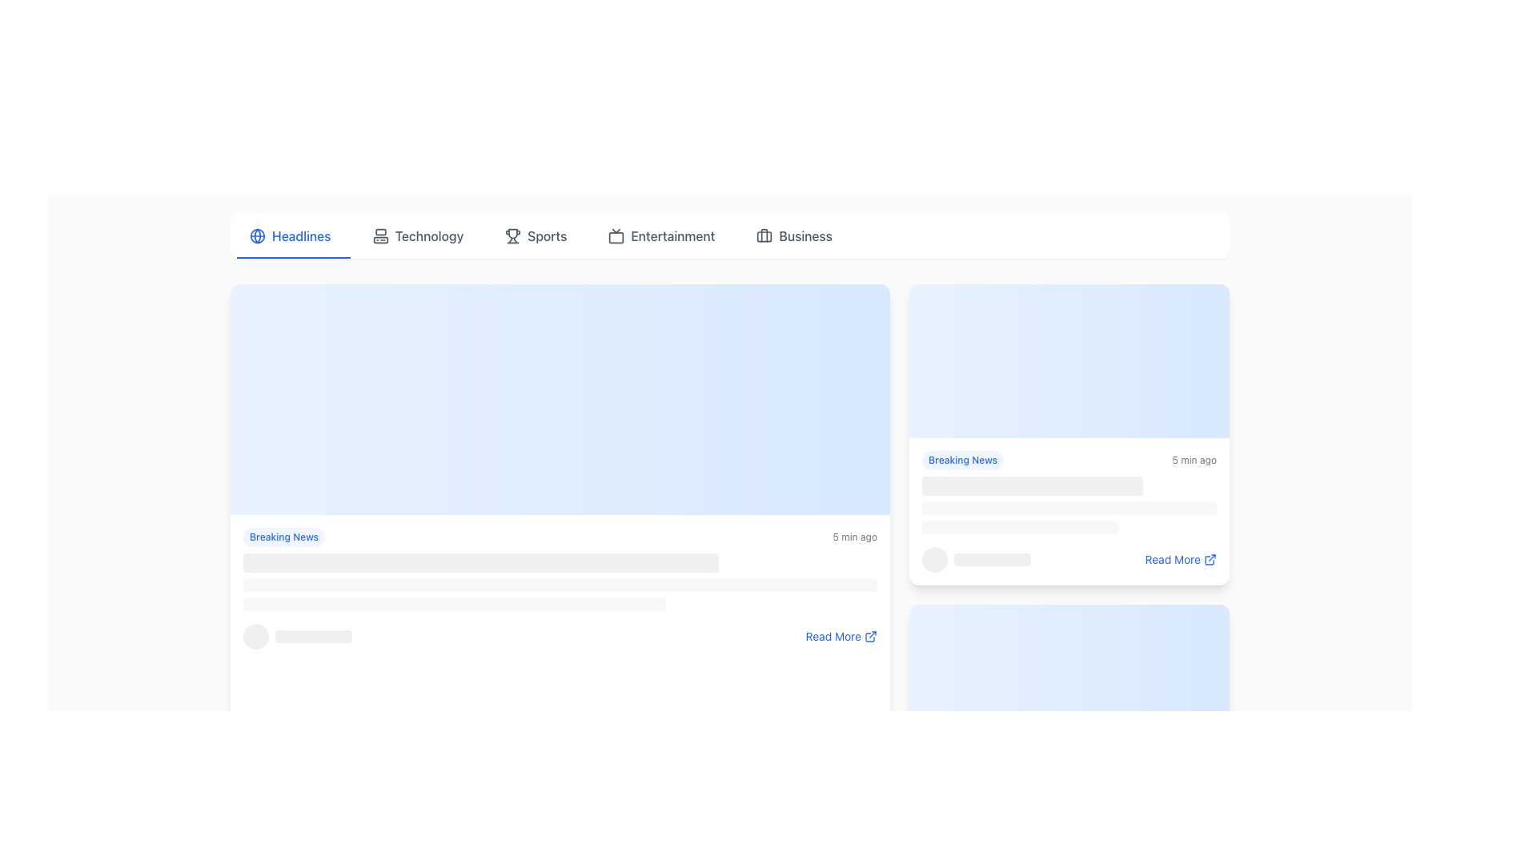 This screenshot has height=865, width=1537. What do you see at coordinates (257, 235) in the screenshot?
I see `the 'Headlines' icon in the navigation bar, which is positioned to the left of the 'Headlines' text` at bounding box center [257, 235].